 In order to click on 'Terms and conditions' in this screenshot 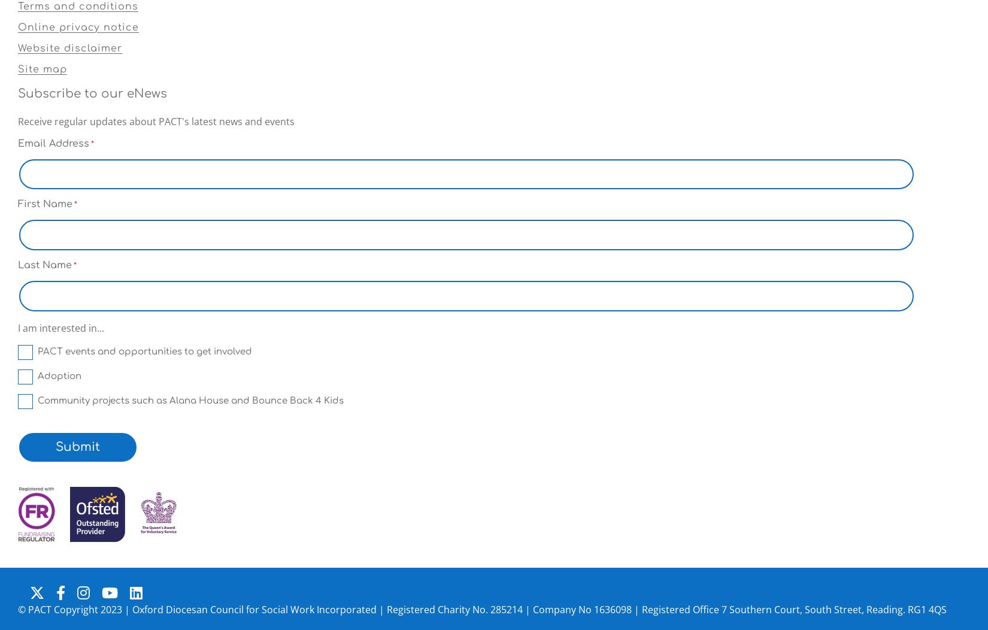, I will do `click(78, 5)`.